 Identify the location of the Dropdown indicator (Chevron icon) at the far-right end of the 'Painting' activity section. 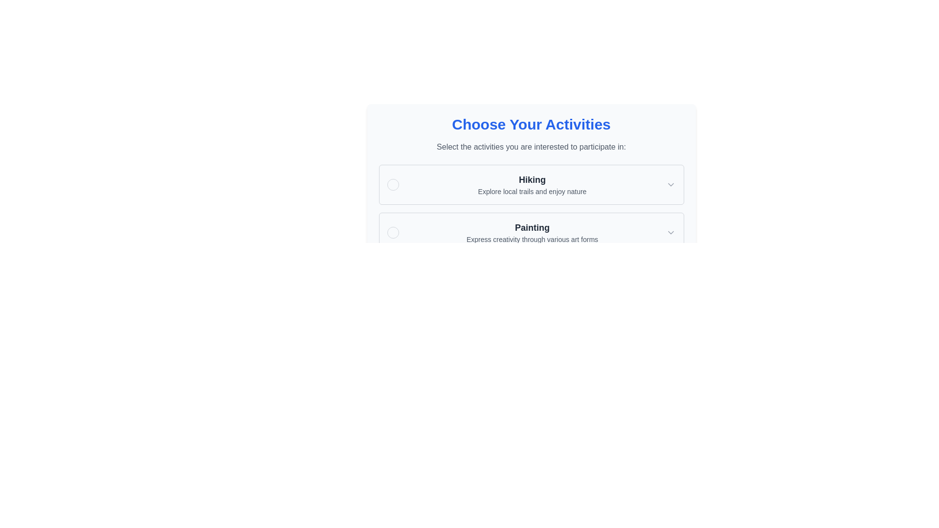
(670, 232).